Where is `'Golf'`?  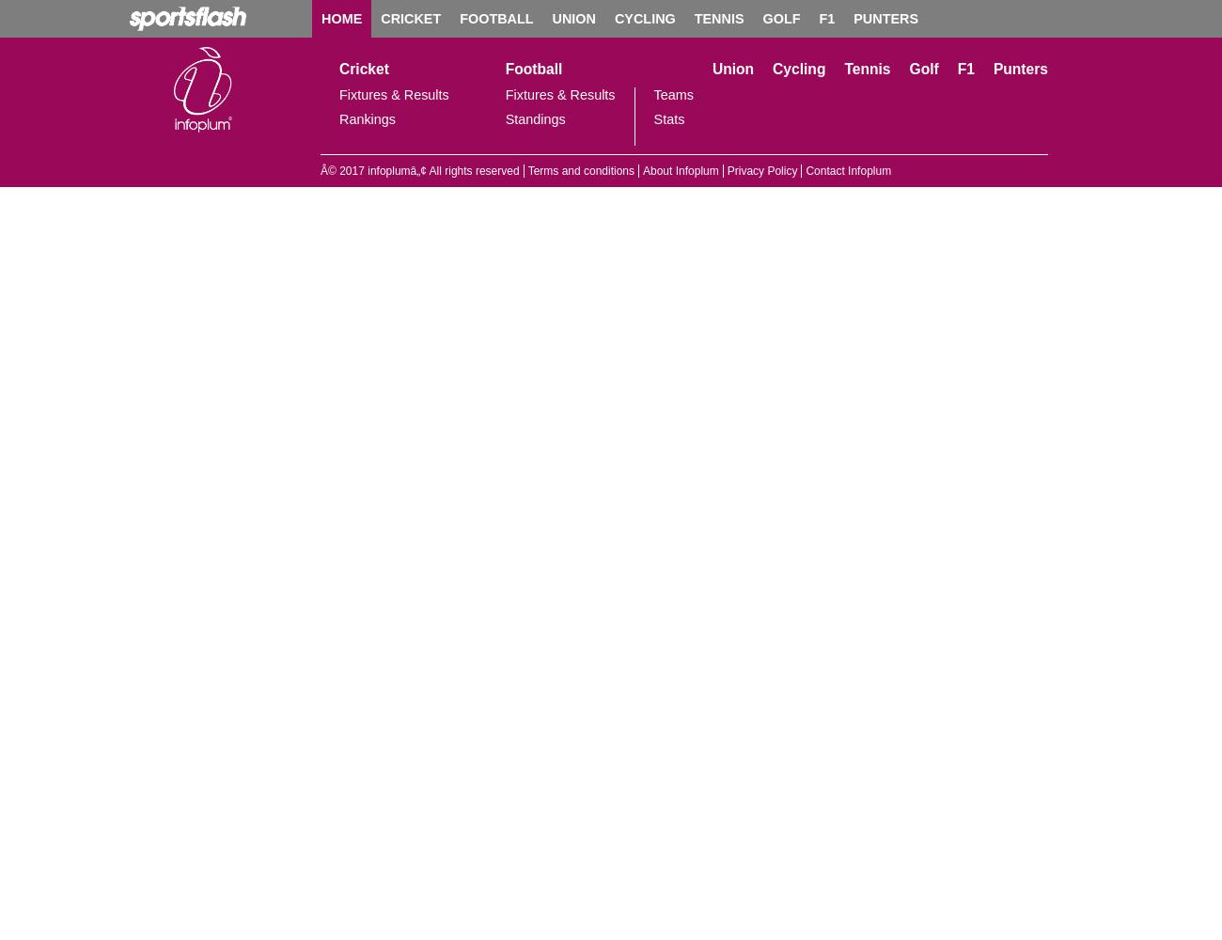 'Golf' is located at coordinates (922, 68).